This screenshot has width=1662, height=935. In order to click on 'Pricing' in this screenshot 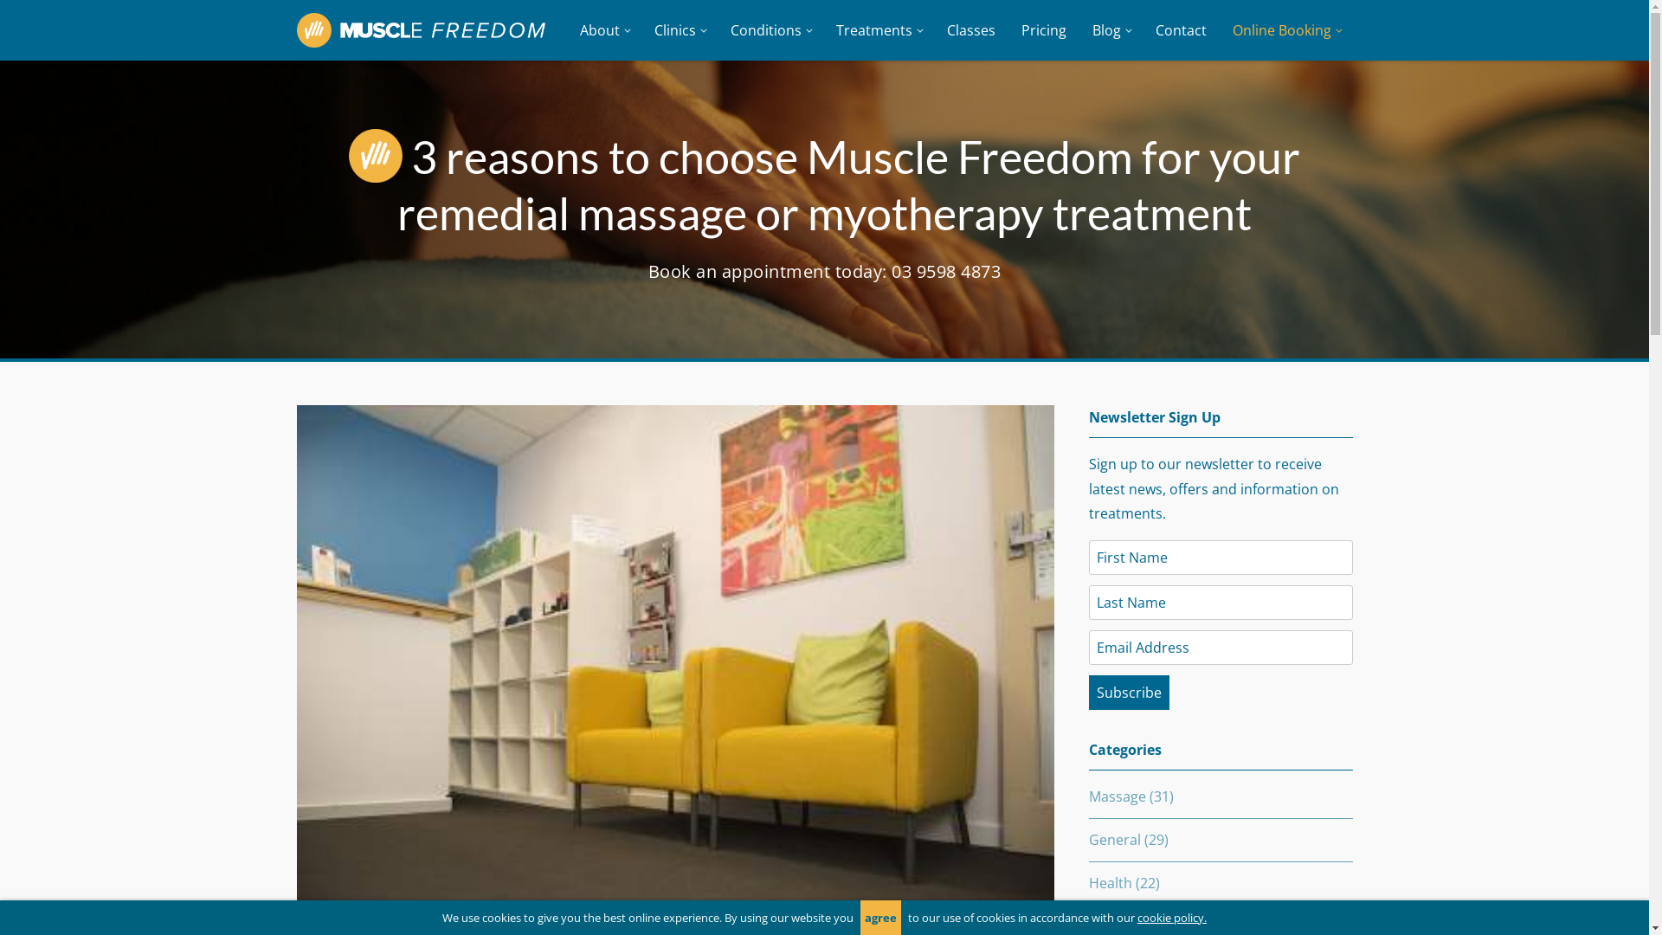, I will do `click(1041, 29)`.